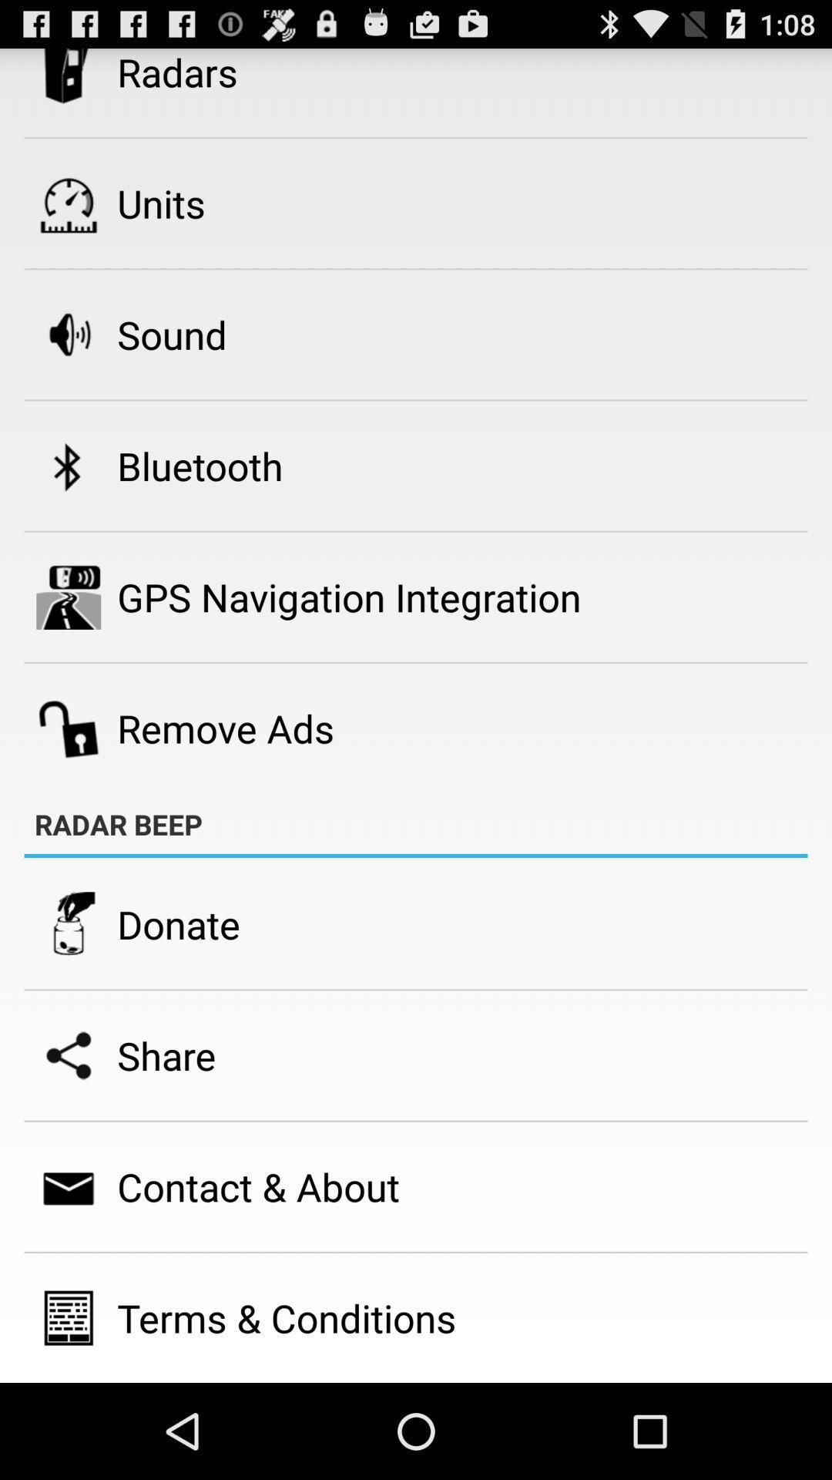 The image size is (832, 1480). Describe the element at coordinates (172, 334) in the screenshot. I see `the icon below the units item` at that location.